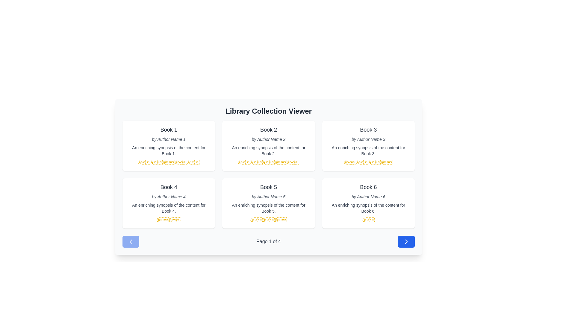  I want to click on the static text label displaying the author's name associated with 'Book 4', positioned below the title and above the synopsis, so click(168, 197).